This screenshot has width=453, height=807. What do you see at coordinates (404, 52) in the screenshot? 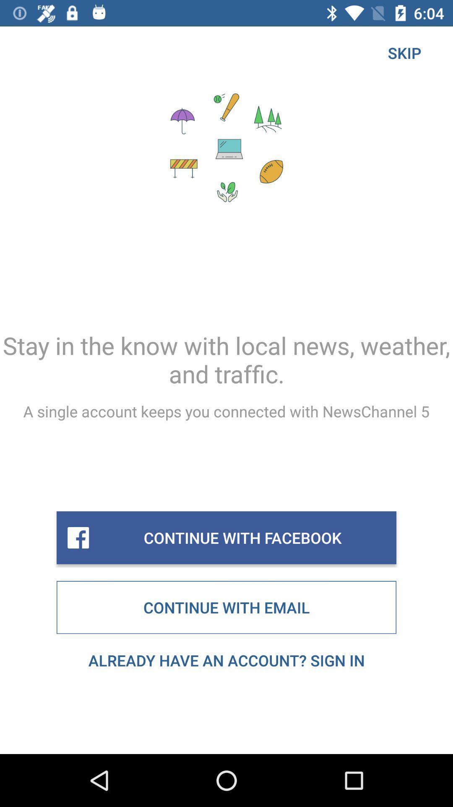
I see `icon above stay in the` at bounding box center [404, 52].